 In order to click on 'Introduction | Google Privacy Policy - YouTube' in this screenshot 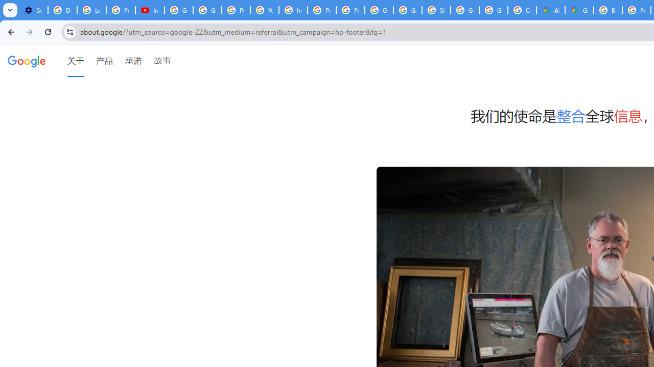, I will do `click(149, 10)`.